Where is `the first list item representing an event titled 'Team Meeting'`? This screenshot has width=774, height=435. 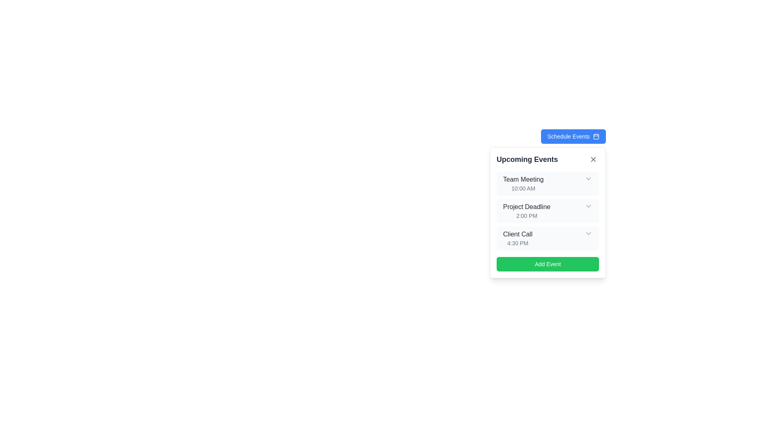 the first list item representing an event titled 'Team Meeting' is located at coordinates (547, 183).